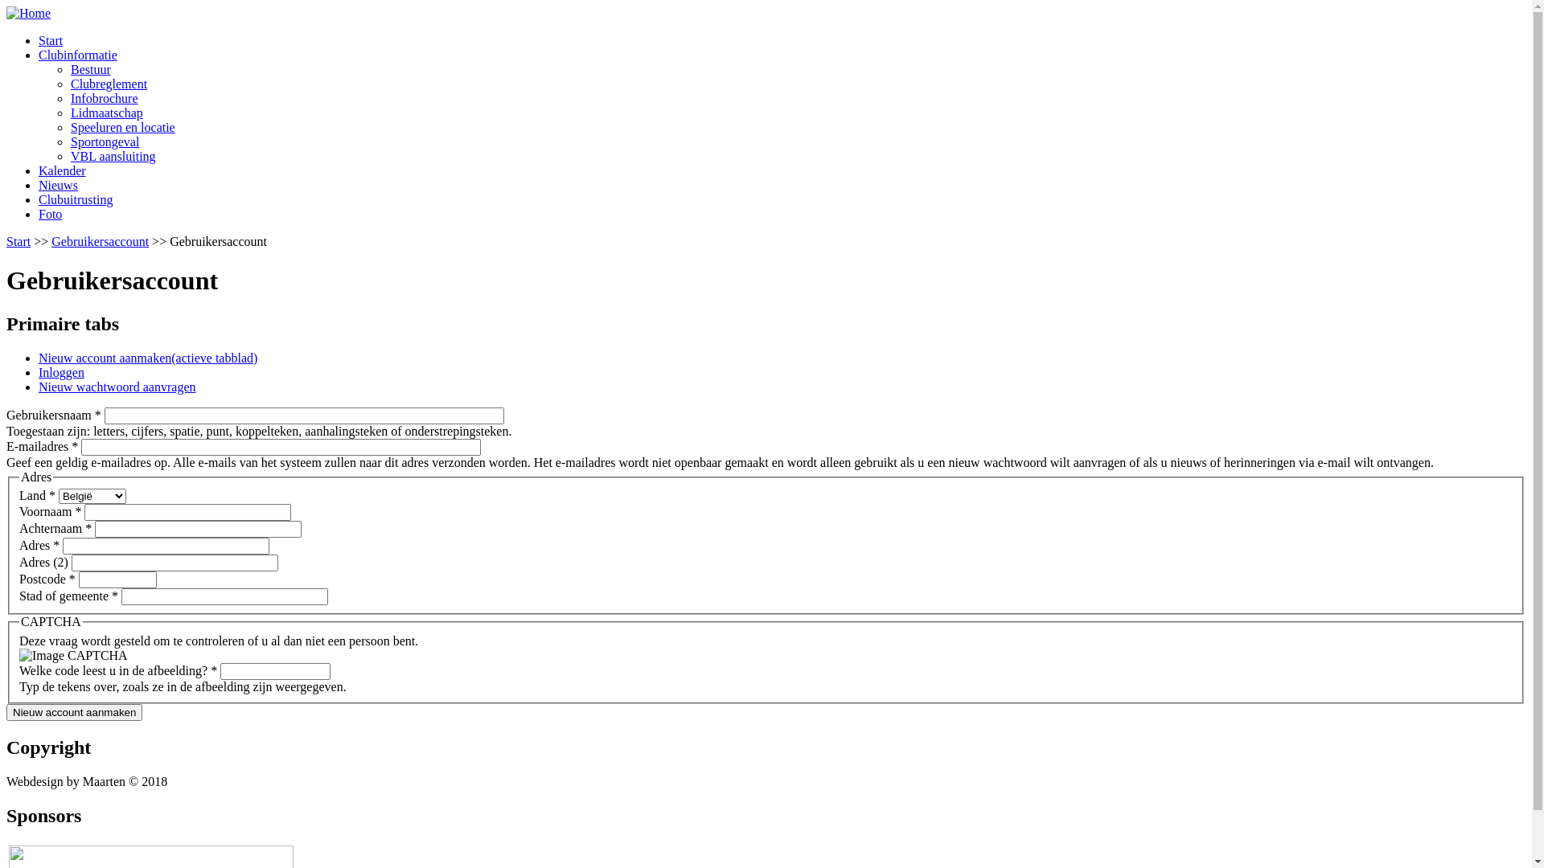 Image resolution: width=1544 pixels, height=868 pixels. Describe the element at coordinates (106, 112) in the screenshot. I see `'Lidmaatschap'` at that location.